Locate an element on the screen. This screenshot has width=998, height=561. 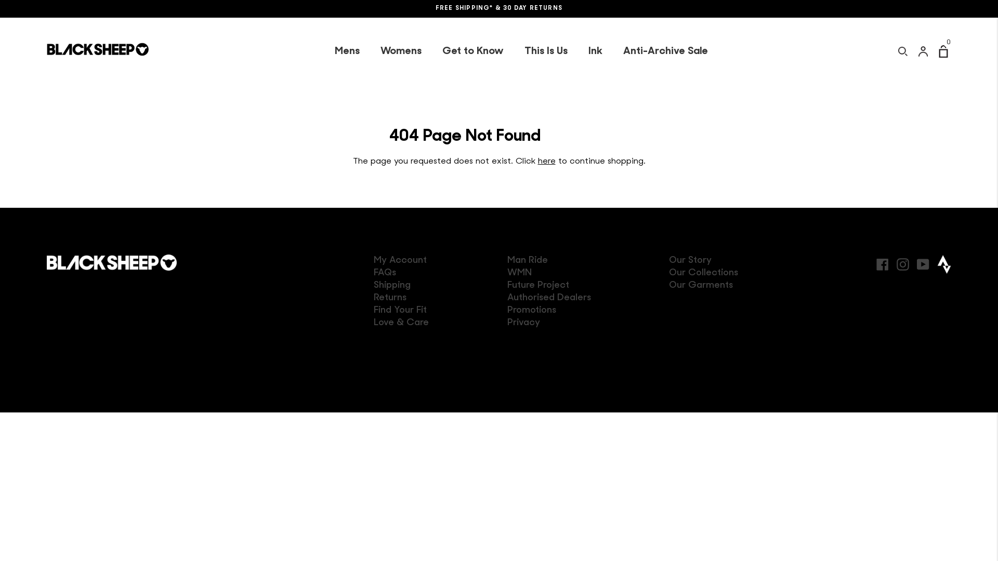
'Find Your Fit' is located at coordinates (374, 310).